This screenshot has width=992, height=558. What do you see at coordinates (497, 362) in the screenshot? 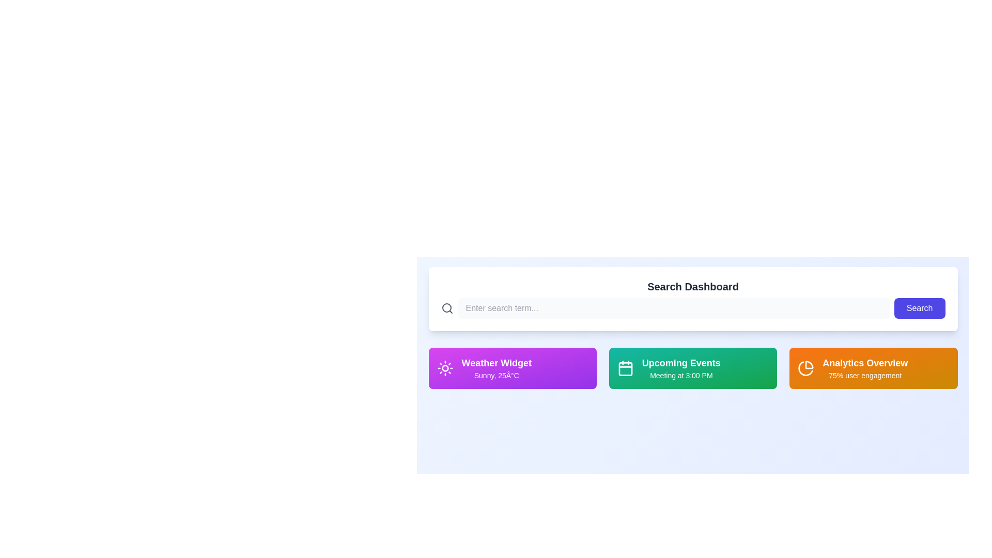
I see `the 'Weather Widget' text label, which is styled in a bold and large font, located at the top of the purple card component` at bounding box center [497, 362].